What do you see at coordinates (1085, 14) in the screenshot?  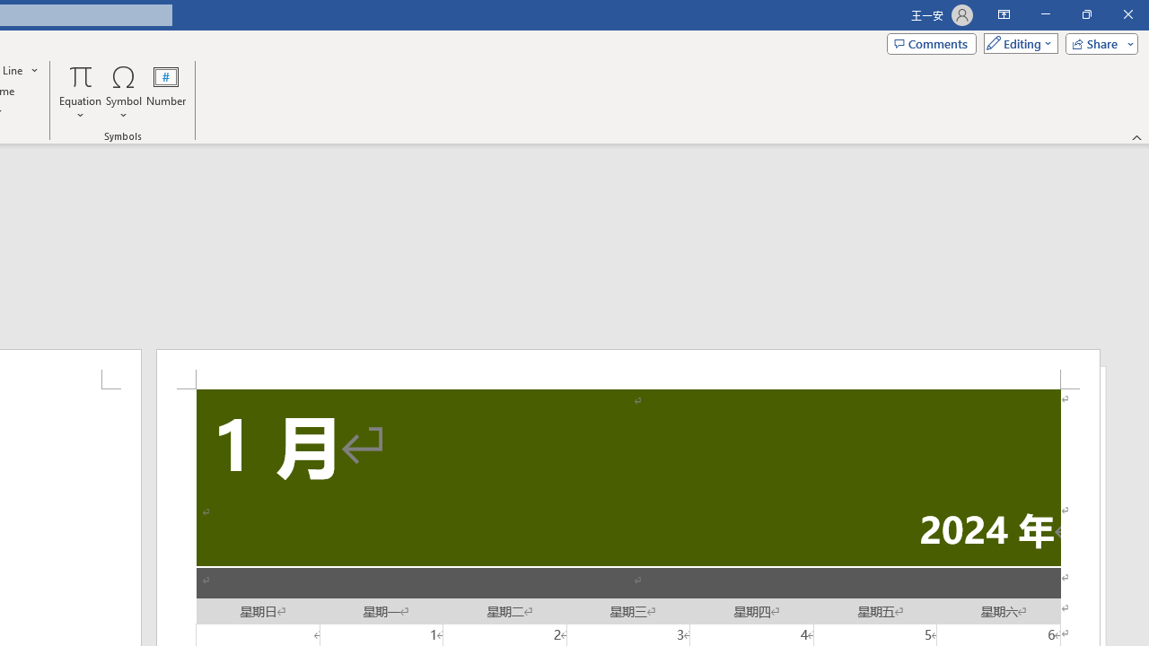 I see `'Restore Down'` at bounding box center [1085, 14].